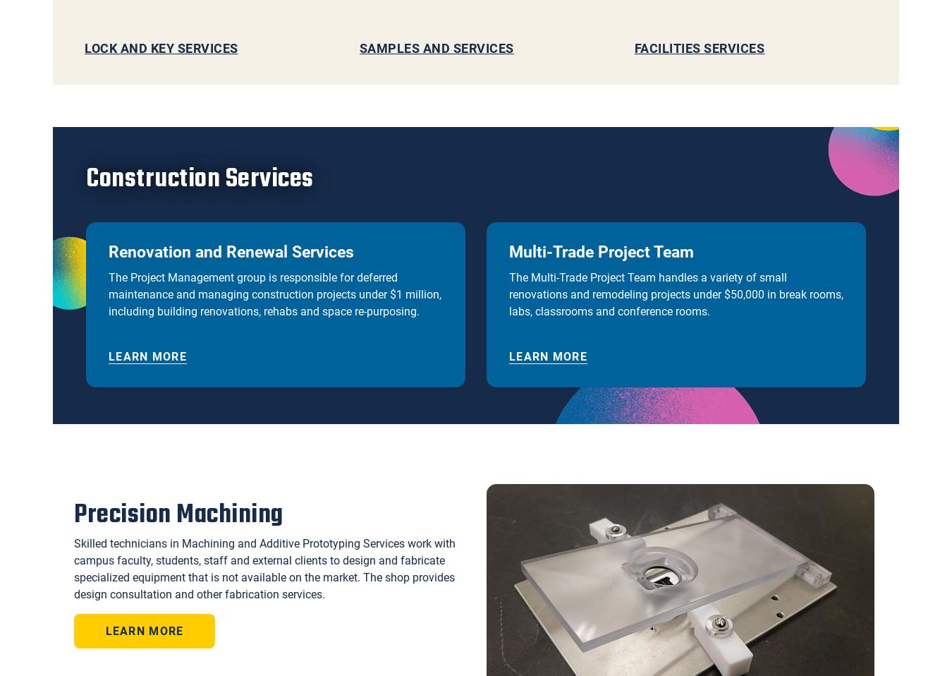 This screenshot has height=676, width=952. Describe the element at coordinates (177, 514) in the screenshot. I see `'Precision Machining'` at that location.